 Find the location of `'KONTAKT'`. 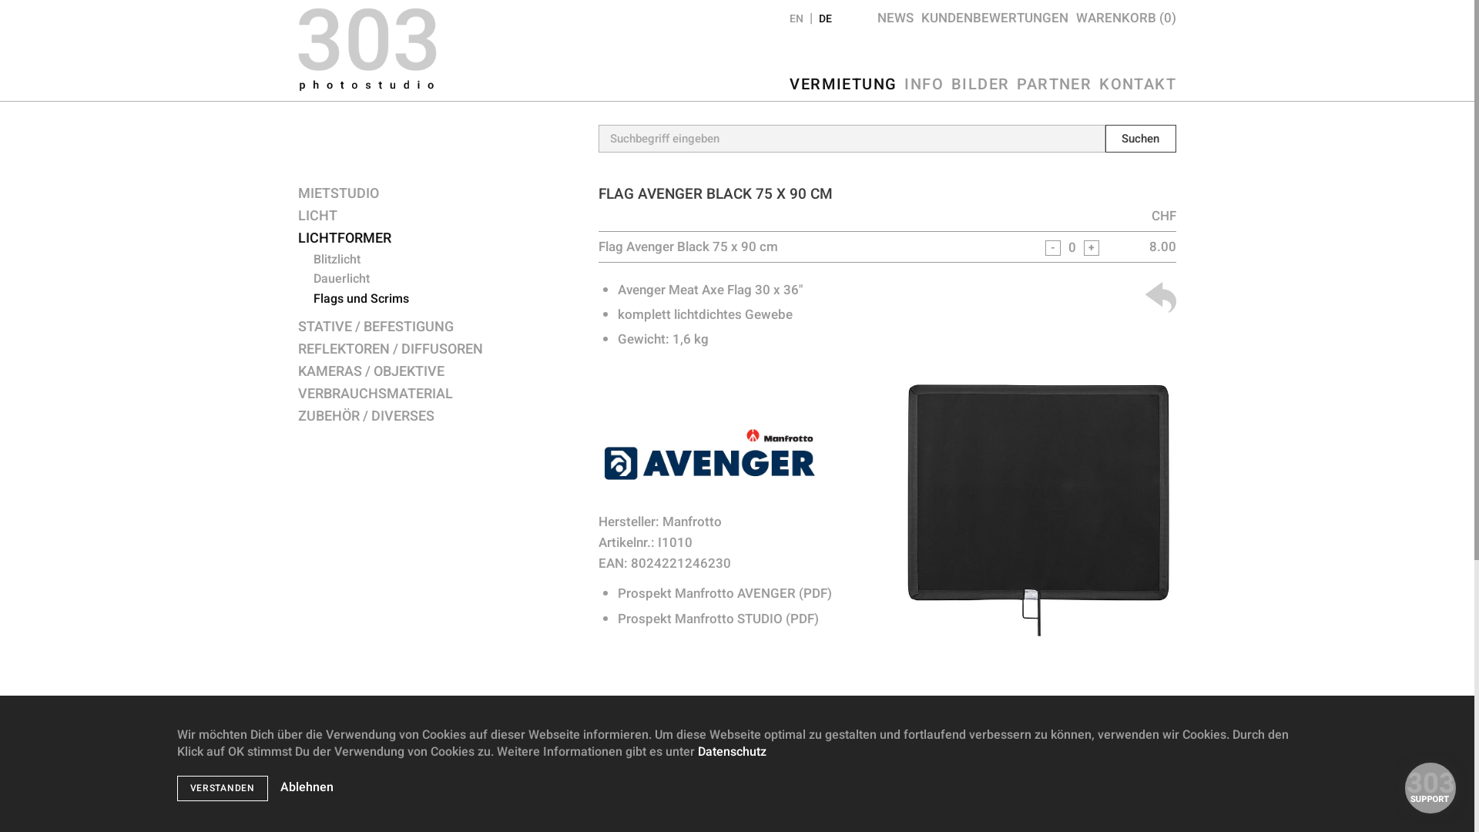

'KONTAKT' is located at coordinates (1138, 84).